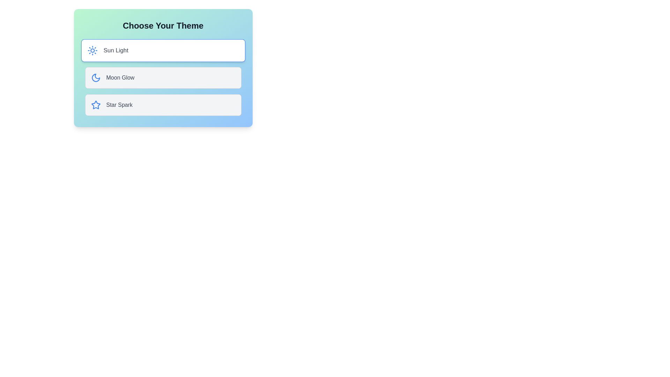  What do you see at coordinates (163, 25) in the screenshot?
I see `the prominent text label displaying 'Choose Your Theme', which is styled in bold, black font and positioned at the top of a card-like structure with a gradient background` at bounding box center [163, 25].